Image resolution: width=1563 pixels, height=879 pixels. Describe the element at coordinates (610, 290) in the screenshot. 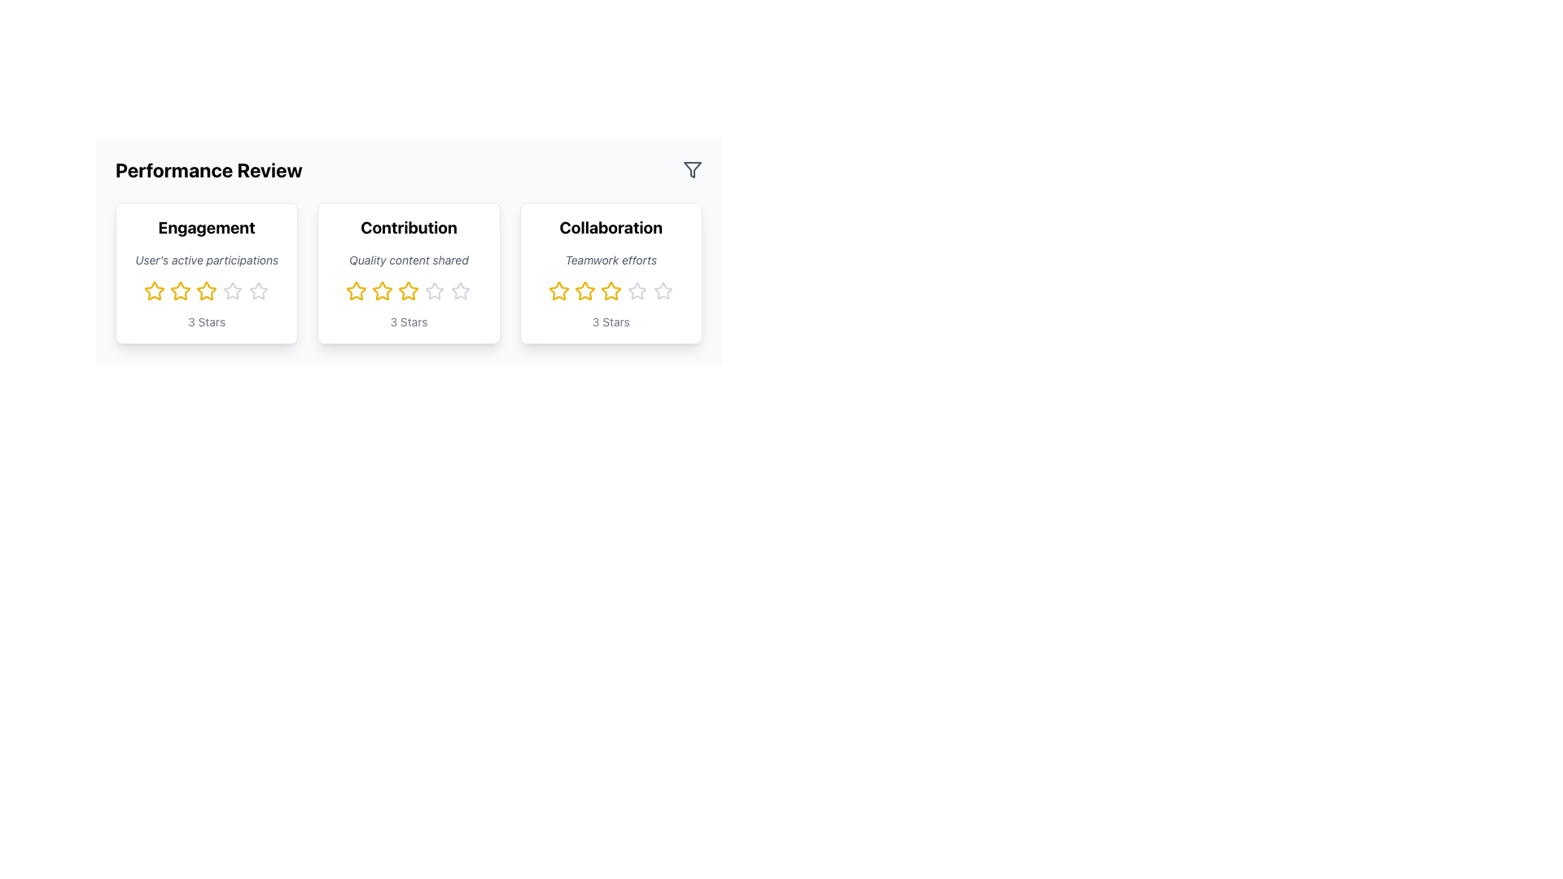

I see `the vibrant yellow outlined star icon in the 'Collaboration' card under 'Teamwork efforts' to give or modify a rating` at that location.